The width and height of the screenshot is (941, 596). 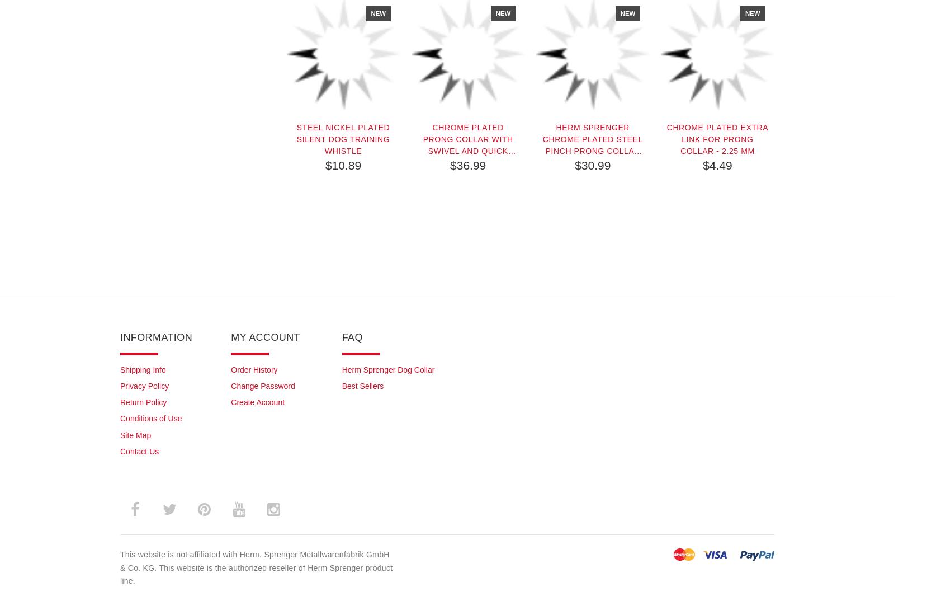 What do you see at coordinates (139, 450) in the screenshot?
I see `'Contact Us'` at bounding box center [139, 450].